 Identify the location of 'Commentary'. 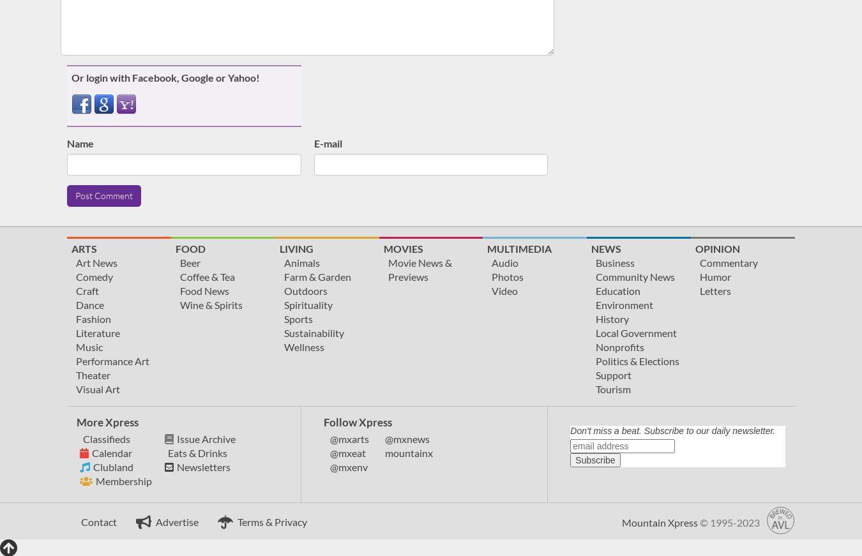
(700, 262).